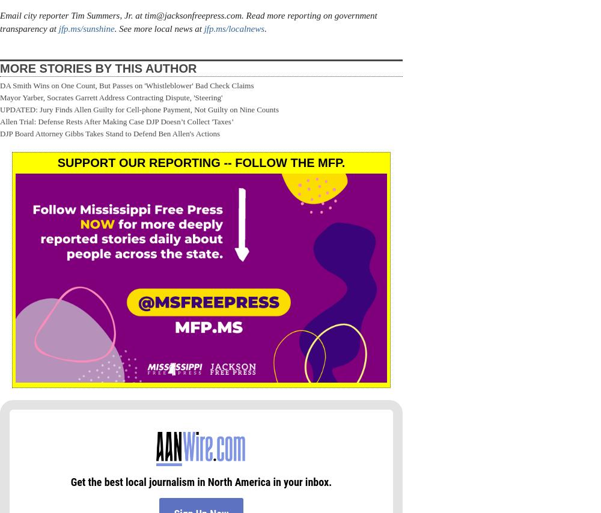 The height and width of the screenshot is (513, 601). What do you see at coordinates (110, 133) in the screenshot?
I see `'DJP Board Attorney Gibbs Takes Stand to Defend Ben Allen's Actions'` at bounding box center [110, 133].